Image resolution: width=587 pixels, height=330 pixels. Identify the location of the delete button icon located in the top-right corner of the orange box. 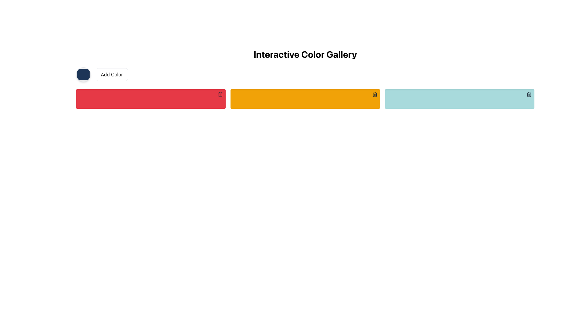
(374, 94).